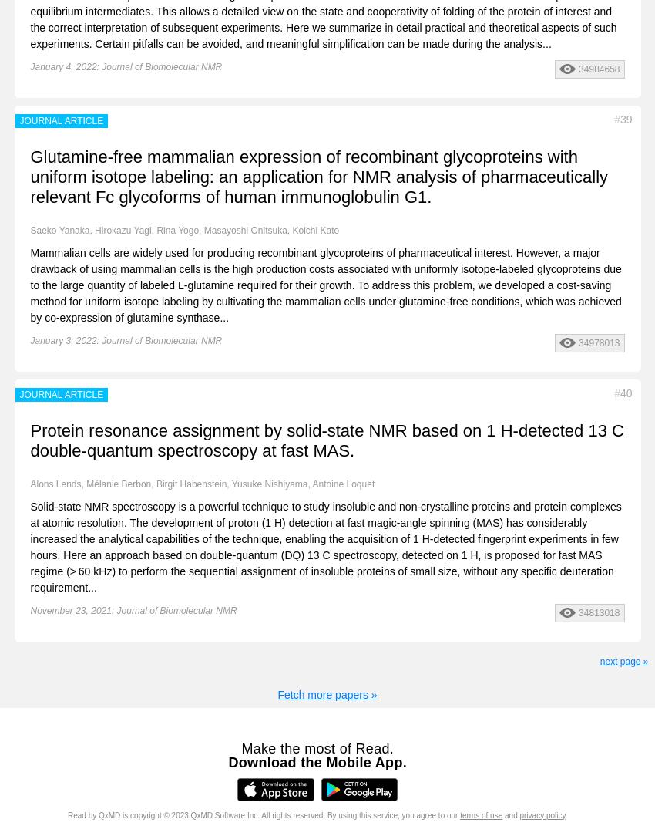 Image resolution: width=655 pixels, height=826 pixels. I want to click on 'Mammalian cells are widely used for producing recombinant glycoproteins of pharmaceutical interest. However, a major drawback of using mammalian cells is the high production costs associated with uniformly isotope-labeled glycoproteins due to the large quantity of labeled L-glutamine required for their growth. To address this problem, we developed a cost-saving method for uniform isotope labeling by cultivating the mammalian cells under glutamine-free conditions, which was achieved by co-expression of glutamine synthase...', so click(325, 283).